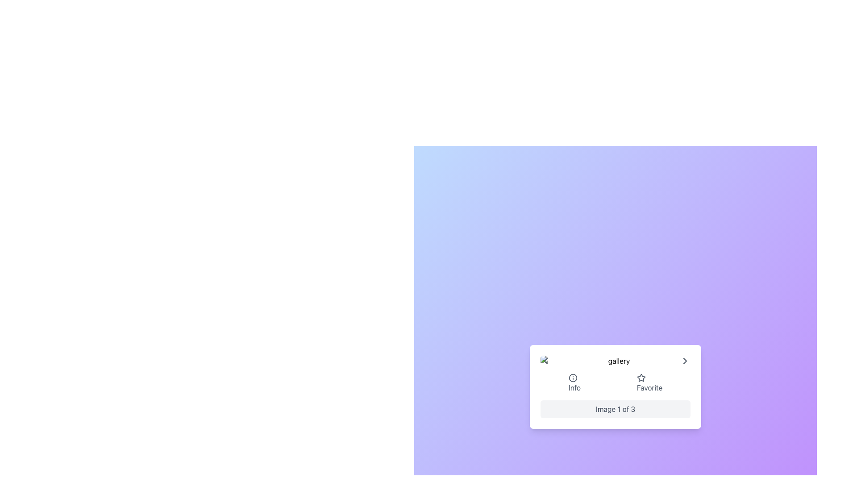  Describe the element at coordinates (685, 361) in the screenshot. I see `the Chevron icon located to the right of the 'gallery' text label at the top-center of the card UI` at that location.